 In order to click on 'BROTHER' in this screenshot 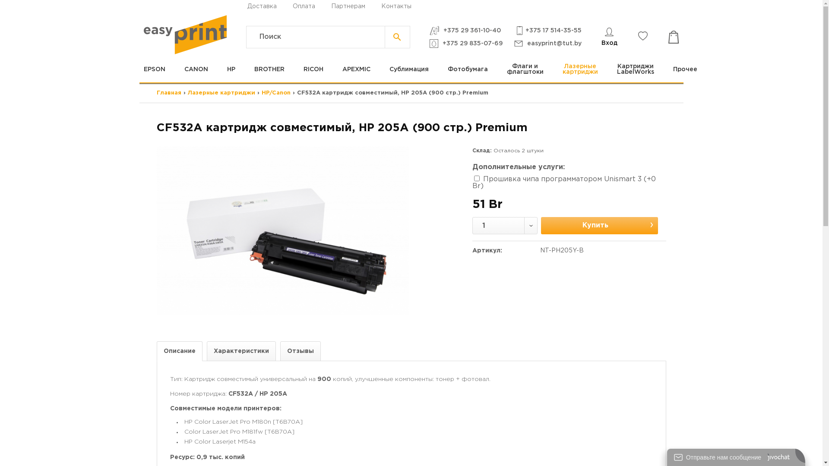, I will do `click(269, 69)`.